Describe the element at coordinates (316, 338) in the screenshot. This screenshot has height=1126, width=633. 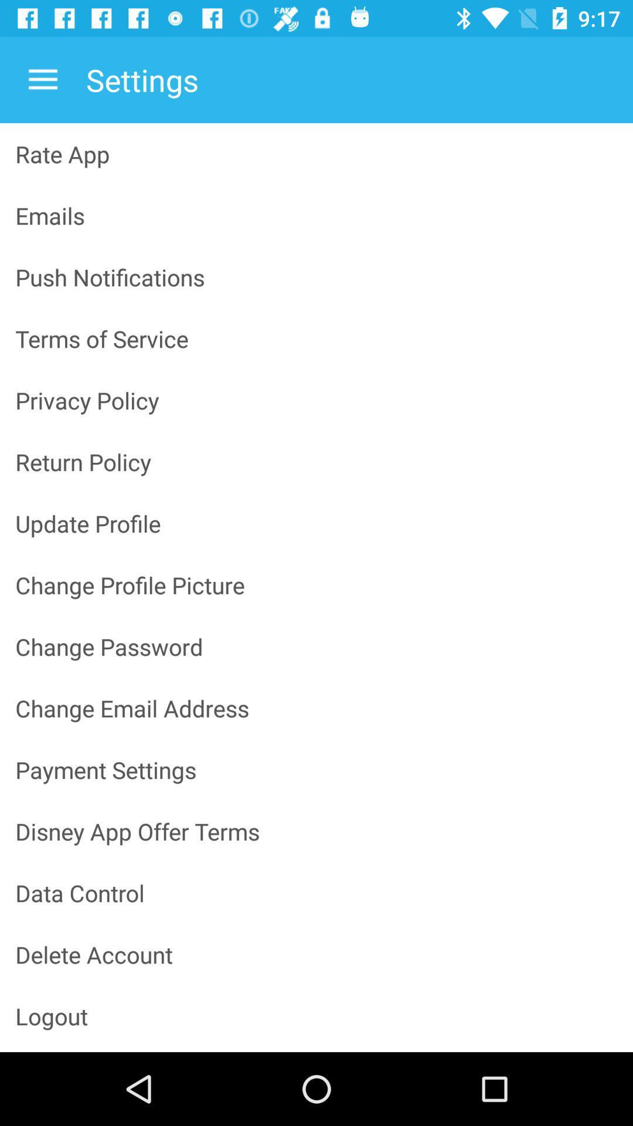
I see `item above the privacy policy icon` at that location.